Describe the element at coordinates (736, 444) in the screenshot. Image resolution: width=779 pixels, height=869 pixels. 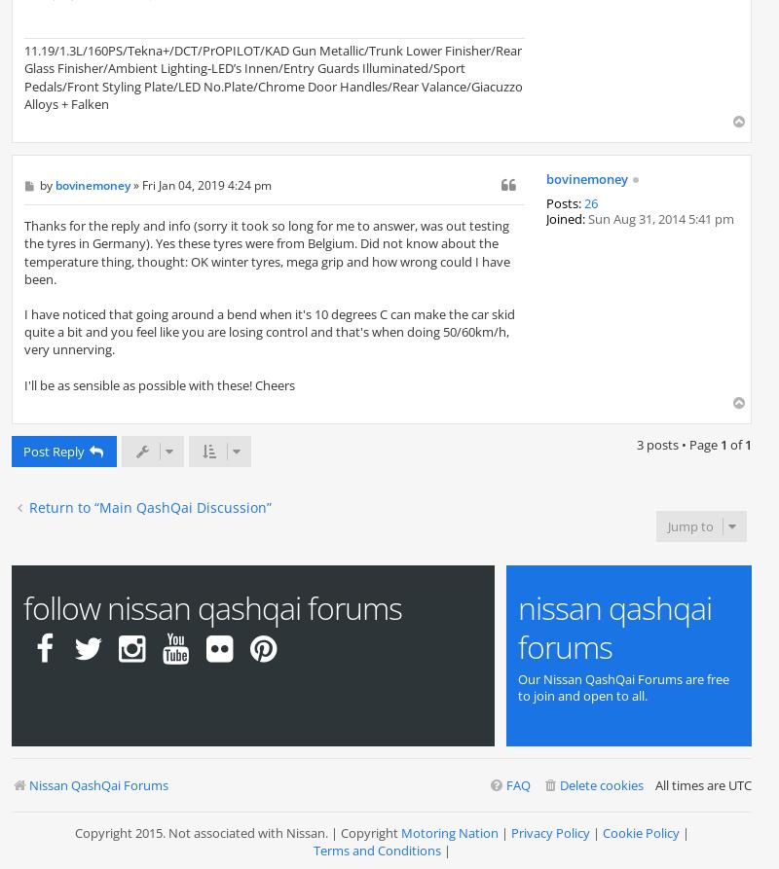
I see `'of'` at that location.